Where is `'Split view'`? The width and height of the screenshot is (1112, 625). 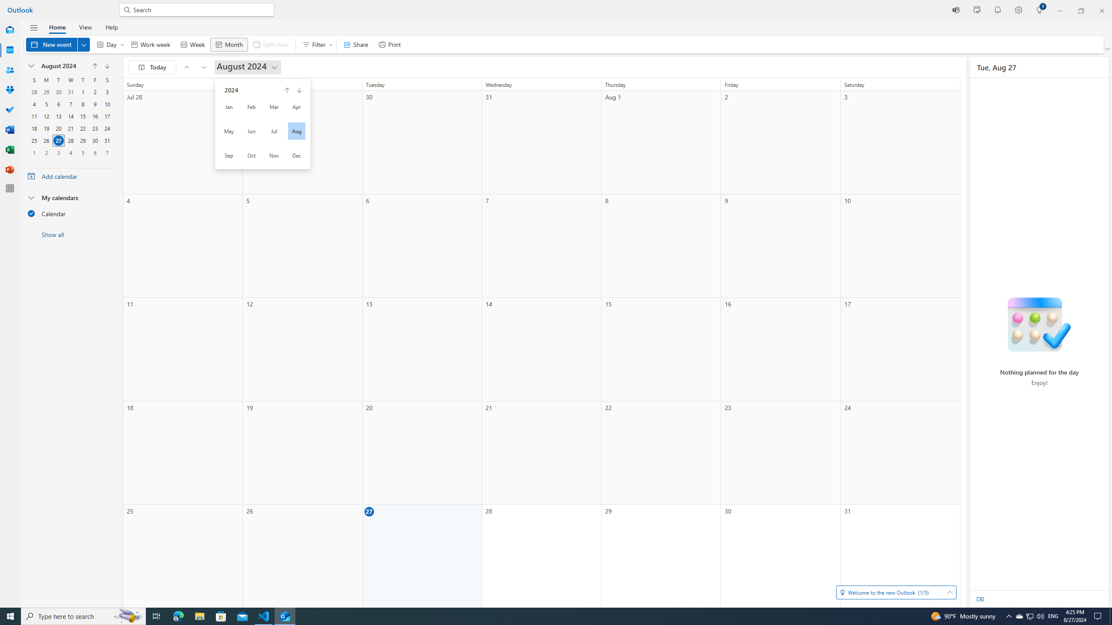
'Split view' is located at coordinates (271, 44).